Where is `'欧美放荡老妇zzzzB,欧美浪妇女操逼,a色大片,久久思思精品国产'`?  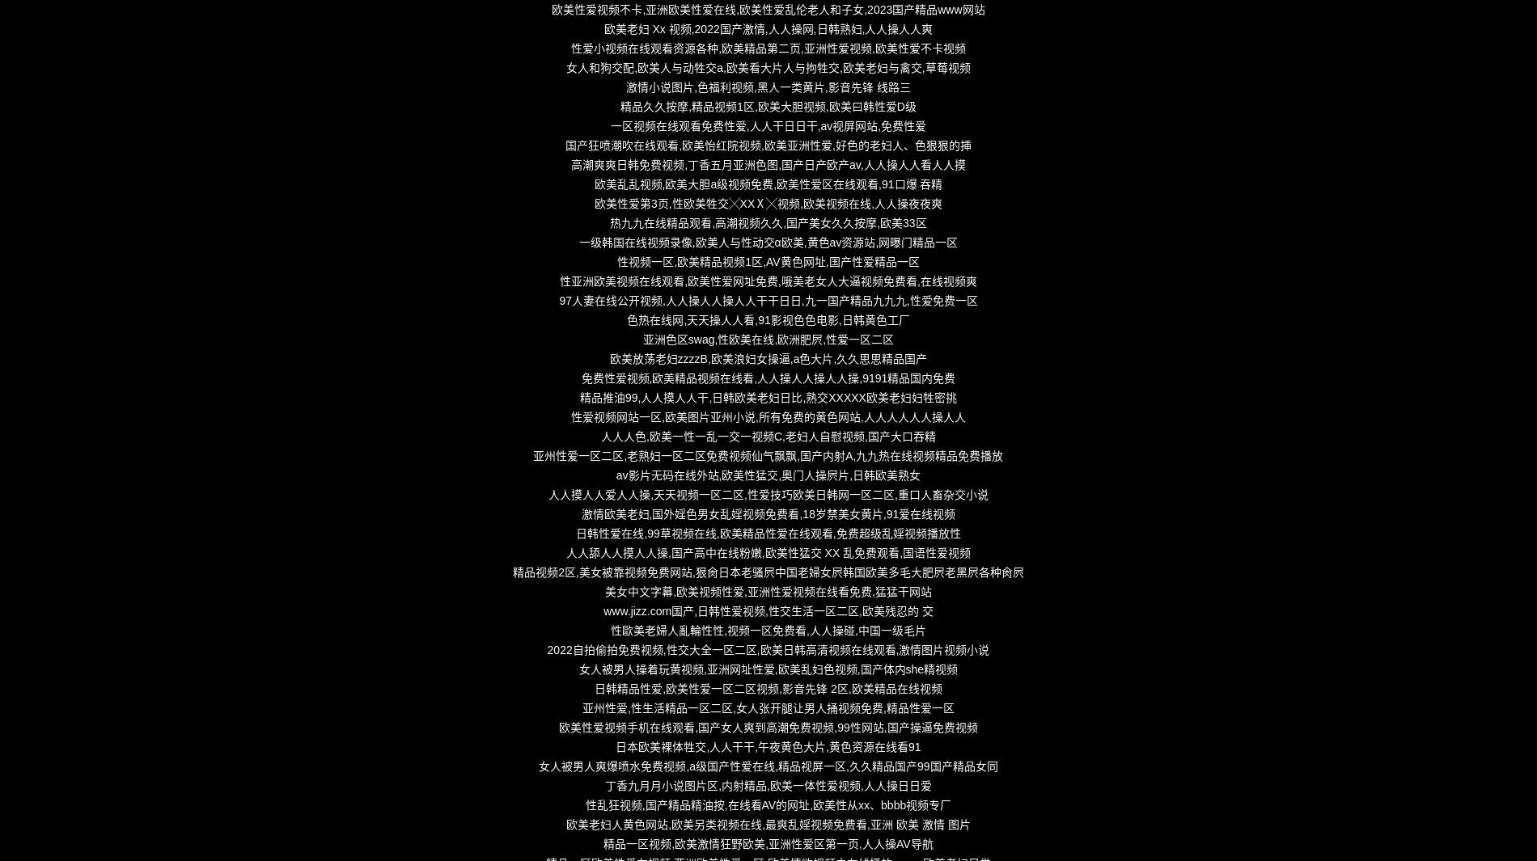
'欧美放荡老妇zzzzB,欧美浪妇女操逼,a色大片,久久思思精品国产' is located at coordinates (767, 357).